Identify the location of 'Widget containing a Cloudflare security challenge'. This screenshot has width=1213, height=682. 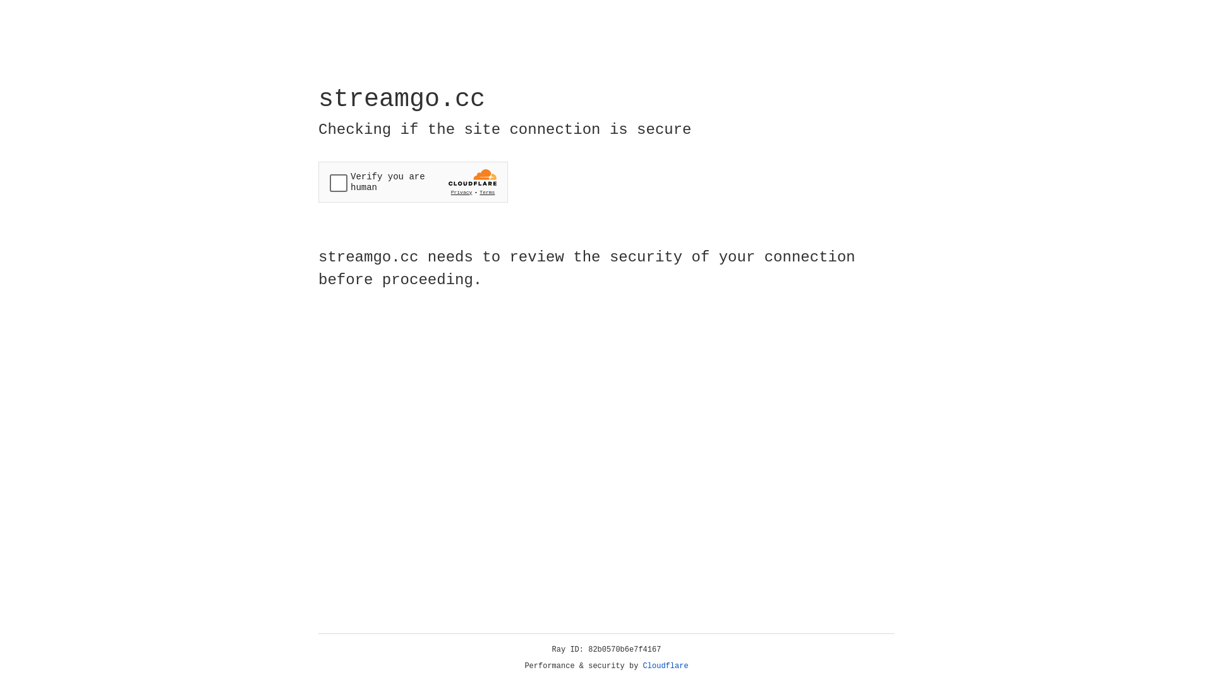
(413, 182).